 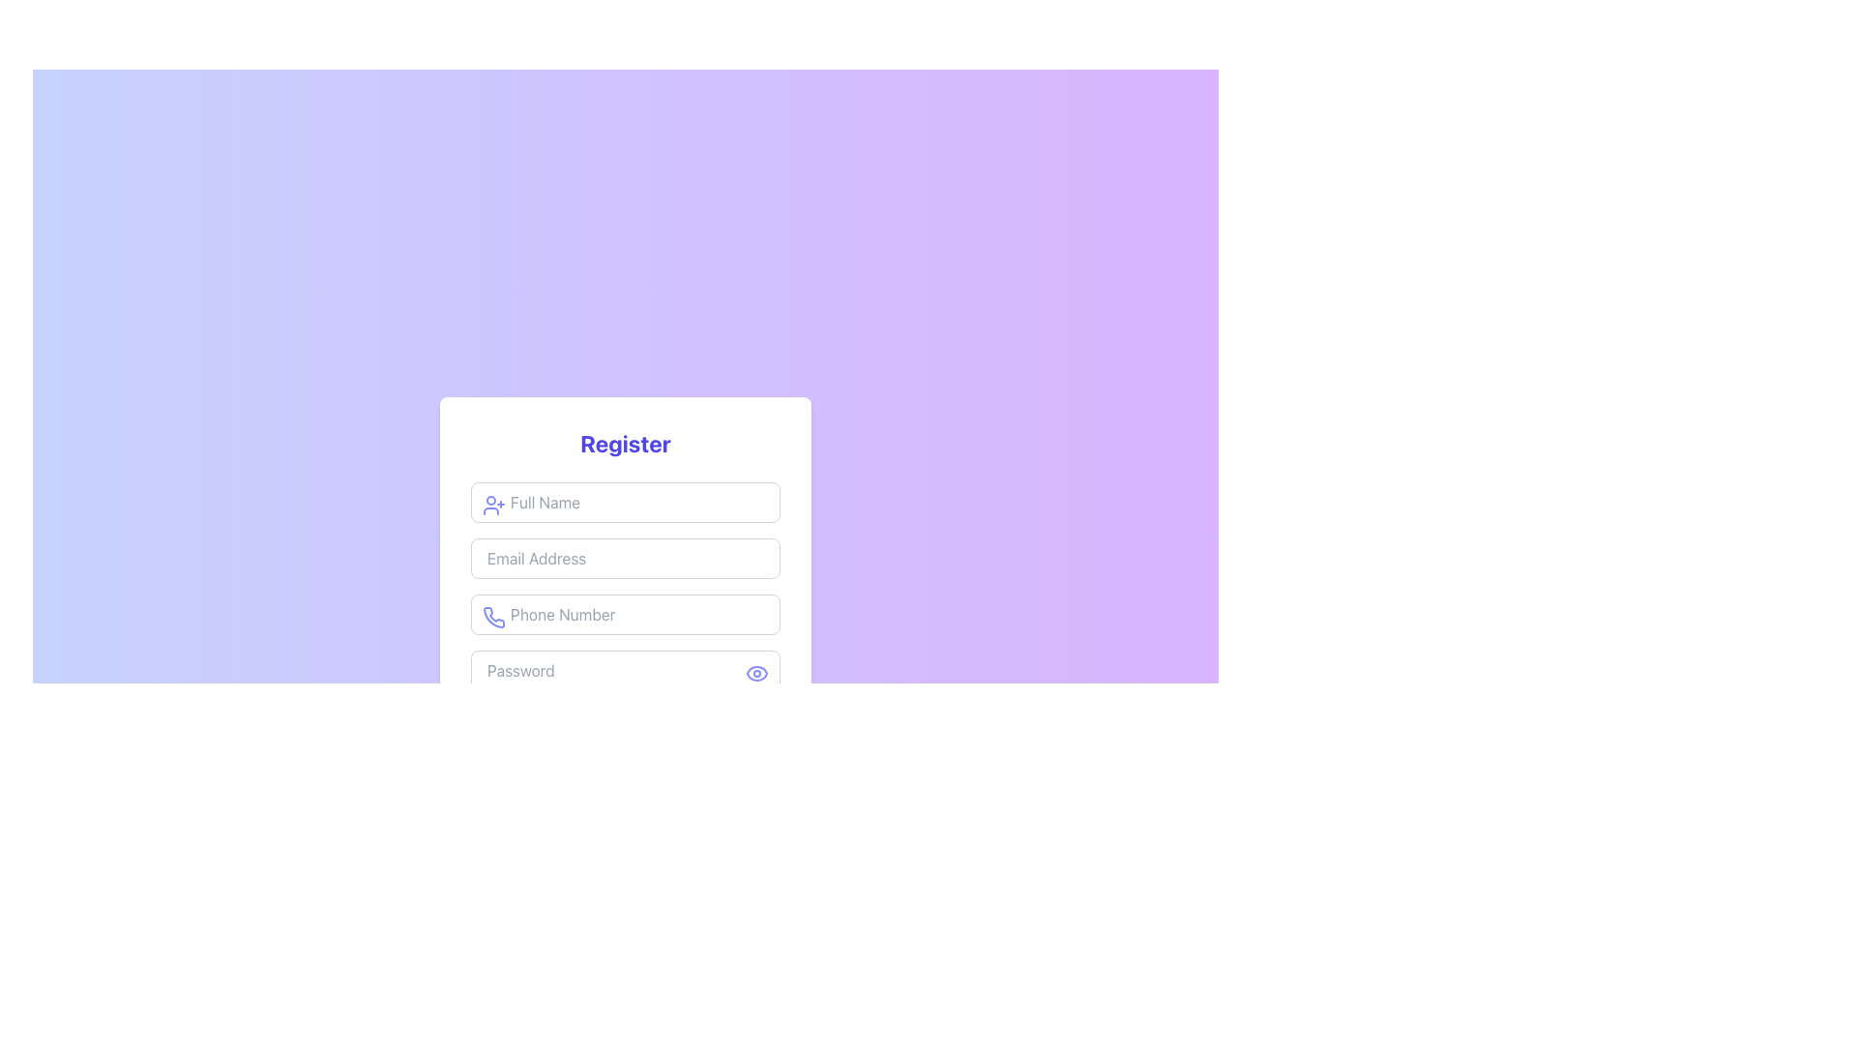 I want to click on the indigo blue phone icon located inside the 'Phone Number' input field at the top-left corner, preceding the placeholder text, so click(x=493, y=618).